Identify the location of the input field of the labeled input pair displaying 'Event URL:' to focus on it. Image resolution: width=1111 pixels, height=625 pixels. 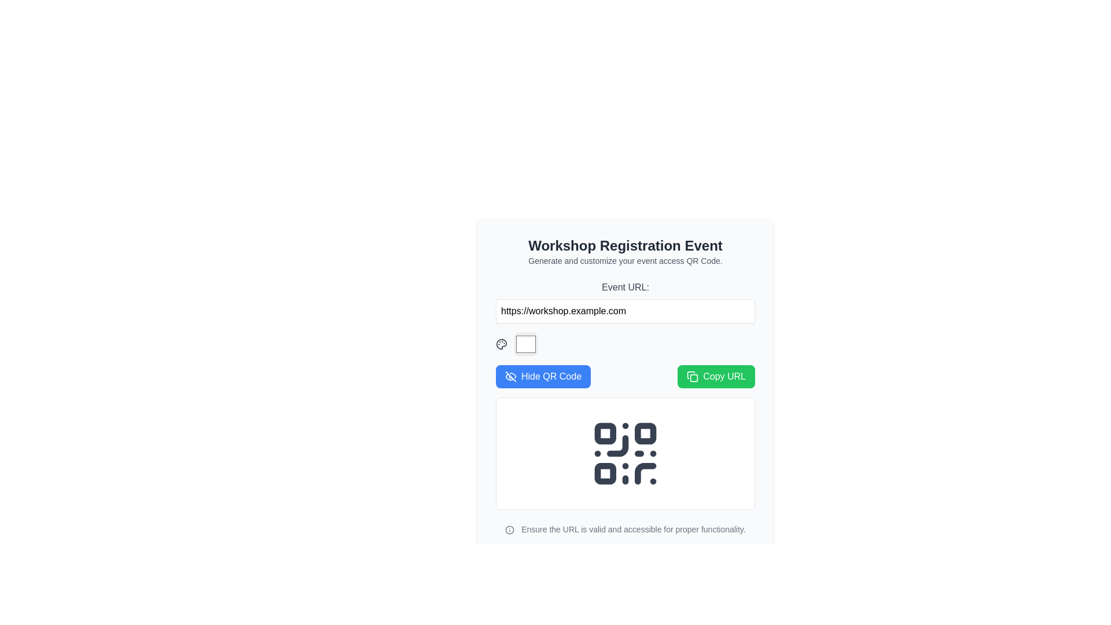
(624, 301).